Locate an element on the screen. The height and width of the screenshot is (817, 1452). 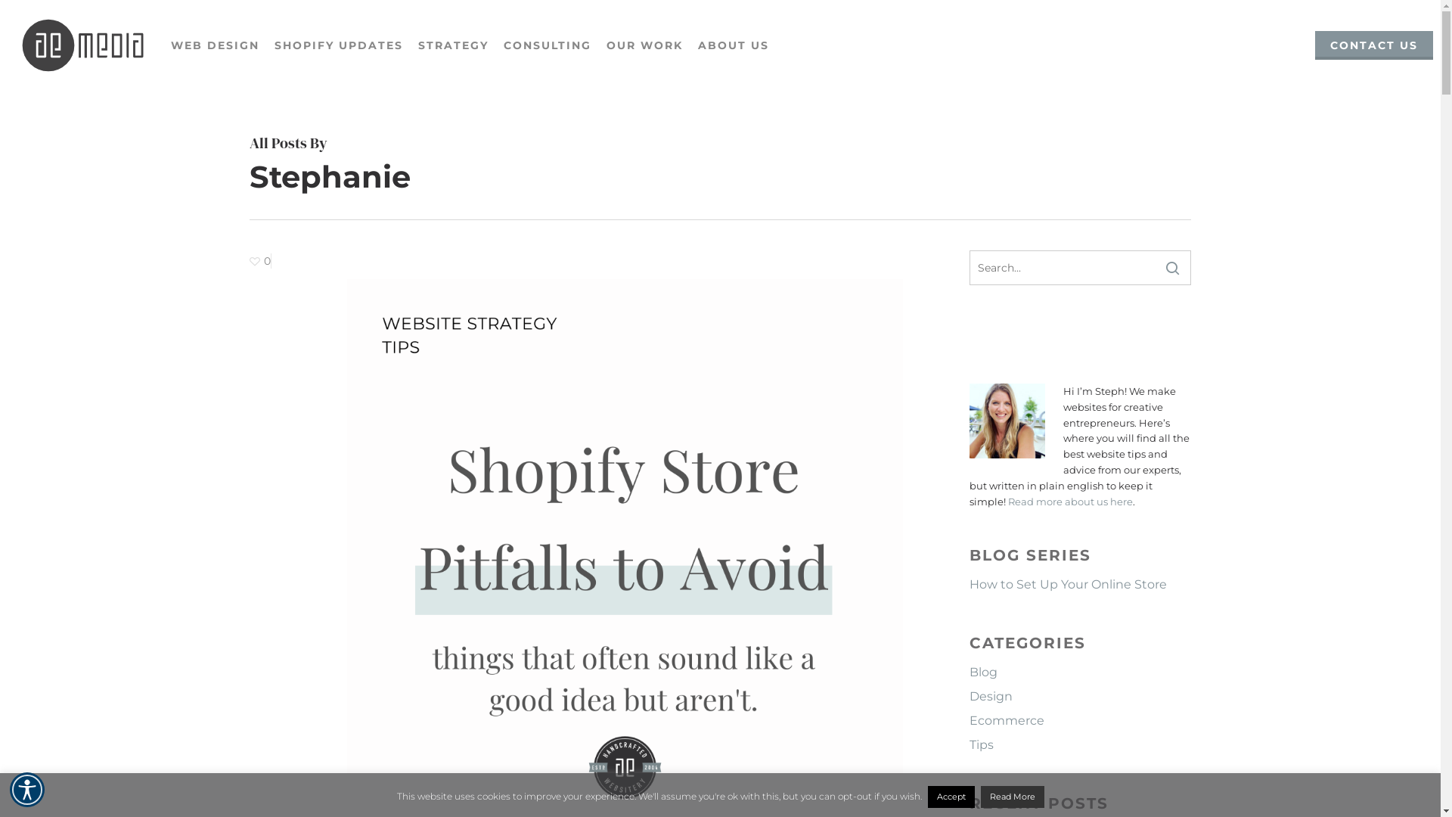
'ABOUT US' is located at coordinates (733, 45).